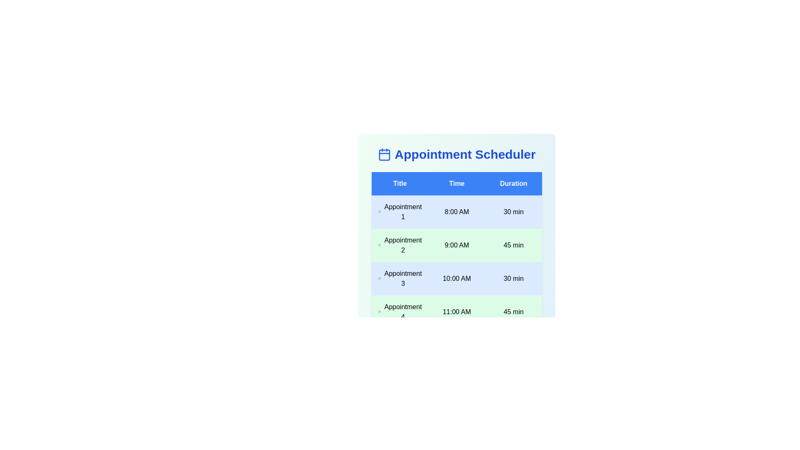 The image size is (800, 450). I want to click on the row corresponding to Appointment 2 to select it, so click(456, 245).